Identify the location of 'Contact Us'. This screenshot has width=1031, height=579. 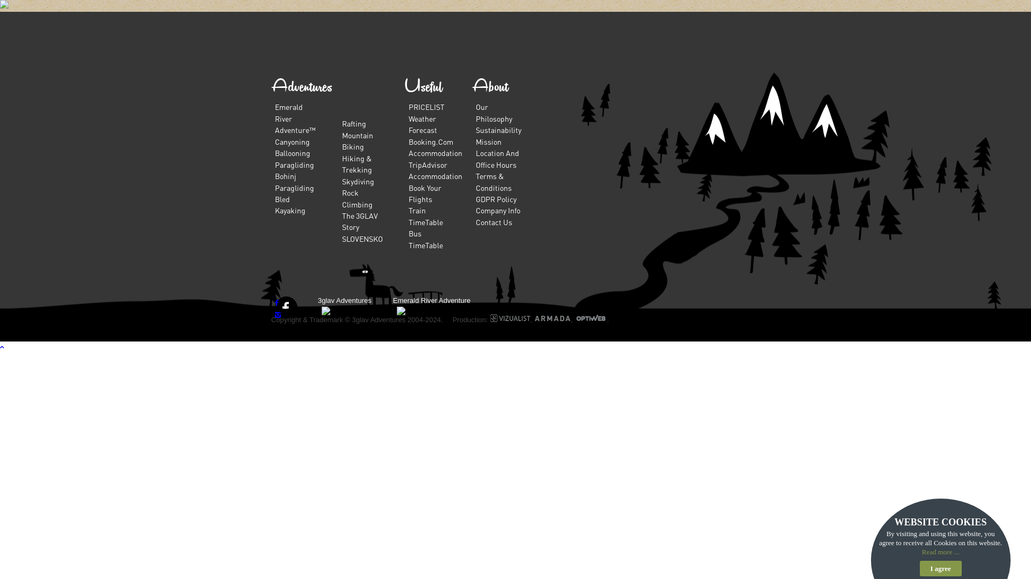
(493, 221).